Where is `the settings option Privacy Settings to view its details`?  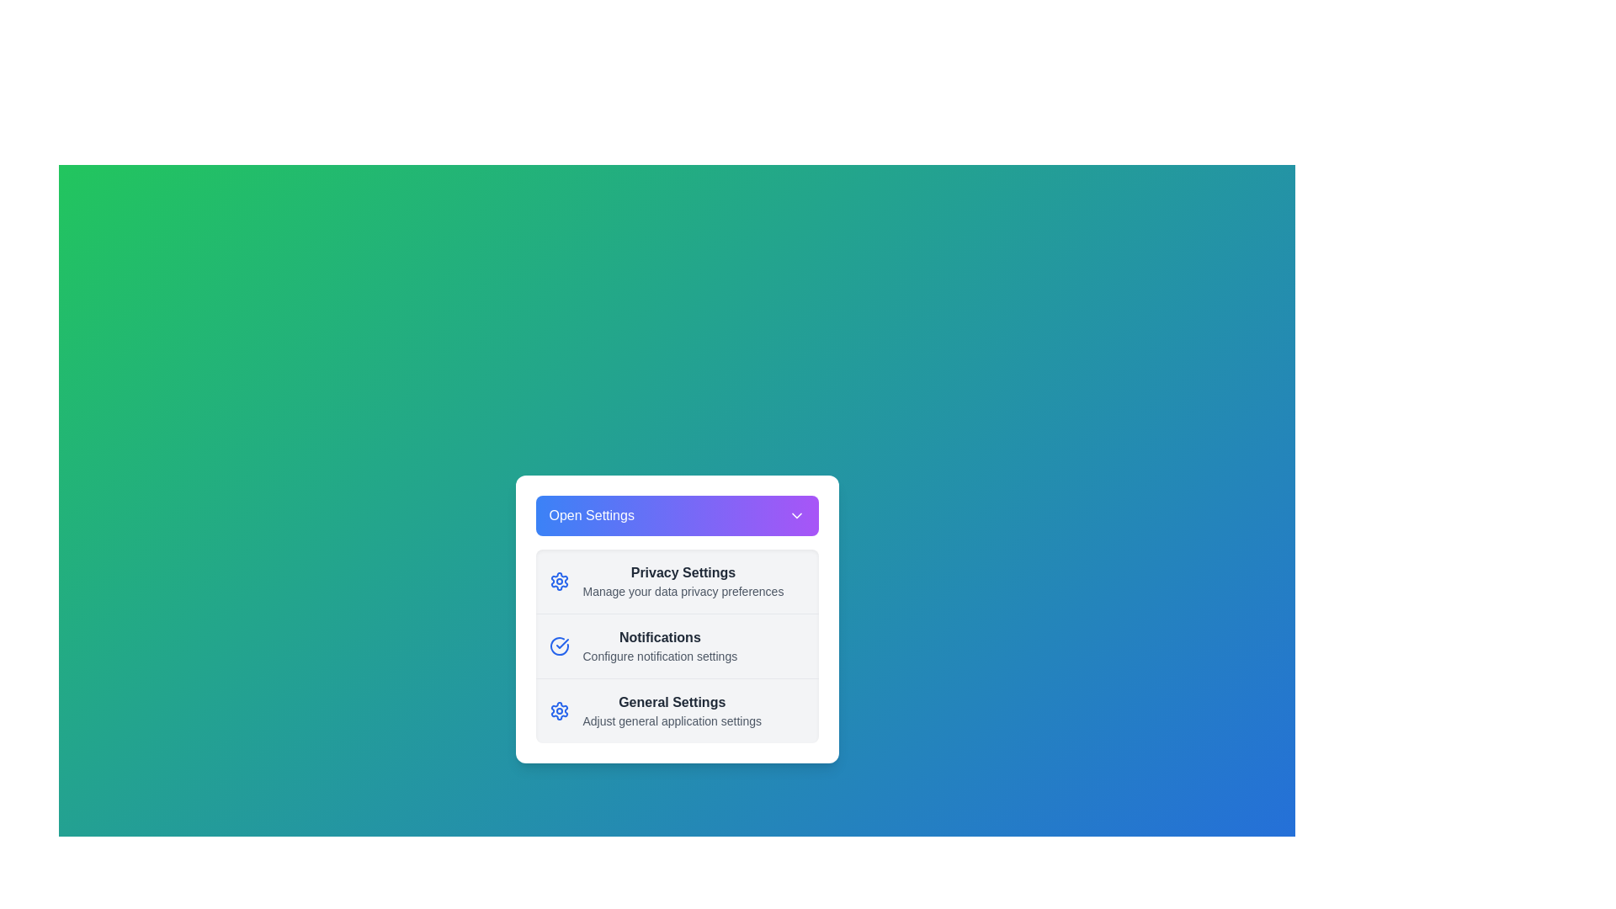
the settings option Privacy Settings to view its details is located at coordinates (677, 580).